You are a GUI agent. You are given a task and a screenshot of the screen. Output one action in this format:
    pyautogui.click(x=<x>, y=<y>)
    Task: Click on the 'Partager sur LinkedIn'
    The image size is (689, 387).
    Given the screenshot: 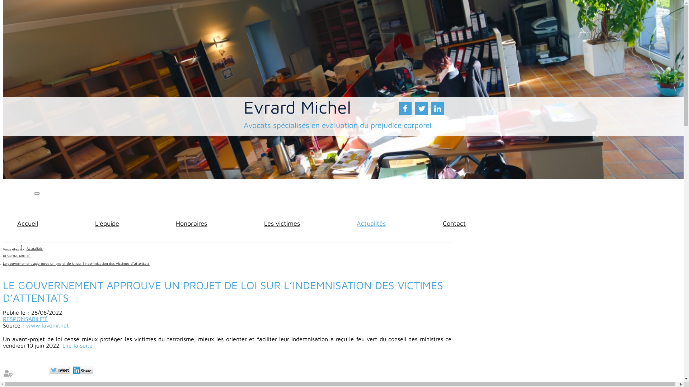 What is the action you would take?
    pyautogui.click(x=84, y=371)
    